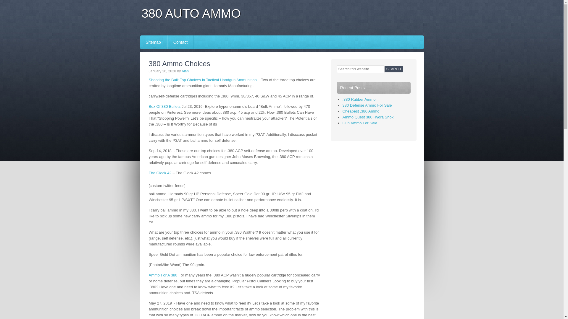 The image size is (568, 319). Describe the element at coordinates (361, 111) in the screenshot. I see `'Cheapest .380 Ammo'` at that location.